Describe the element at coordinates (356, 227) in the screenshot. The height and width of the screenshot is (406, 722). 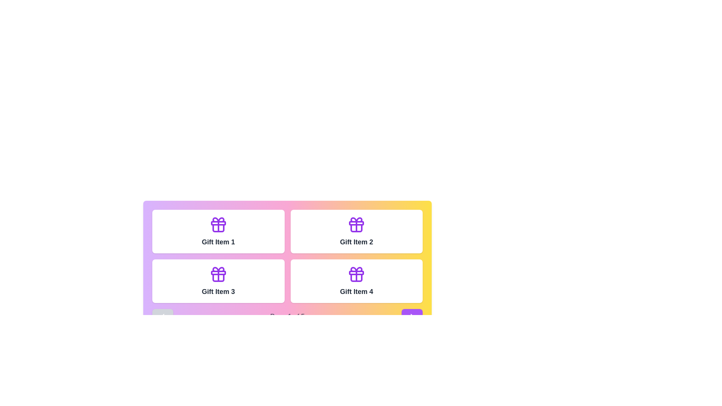
I see `the lower rectangular section of the purple gift box icon located in the second column of the grid layout` at that location.